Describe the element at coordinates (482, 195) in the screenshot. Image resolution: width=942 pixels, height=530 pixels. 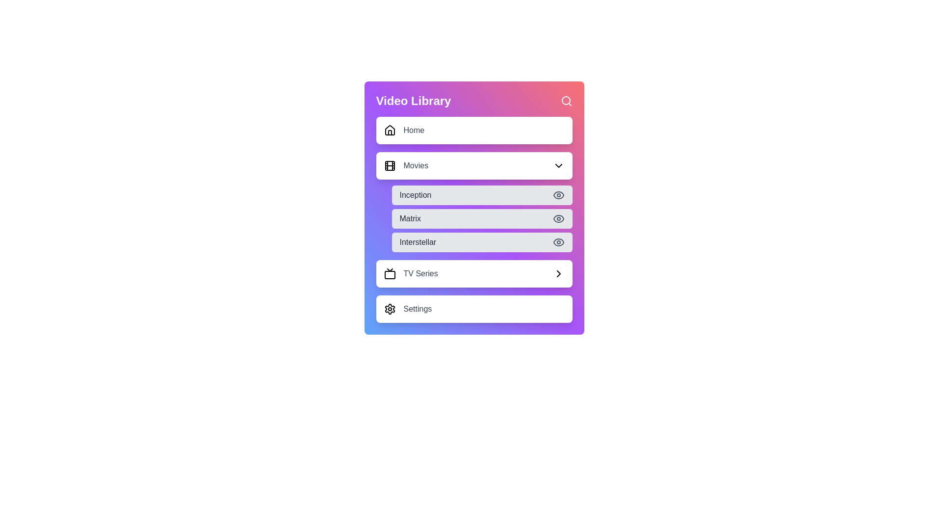
I see `the 'Inception' menu item, which is the first entry in the list of movies under the 'Movies' category` at that location.